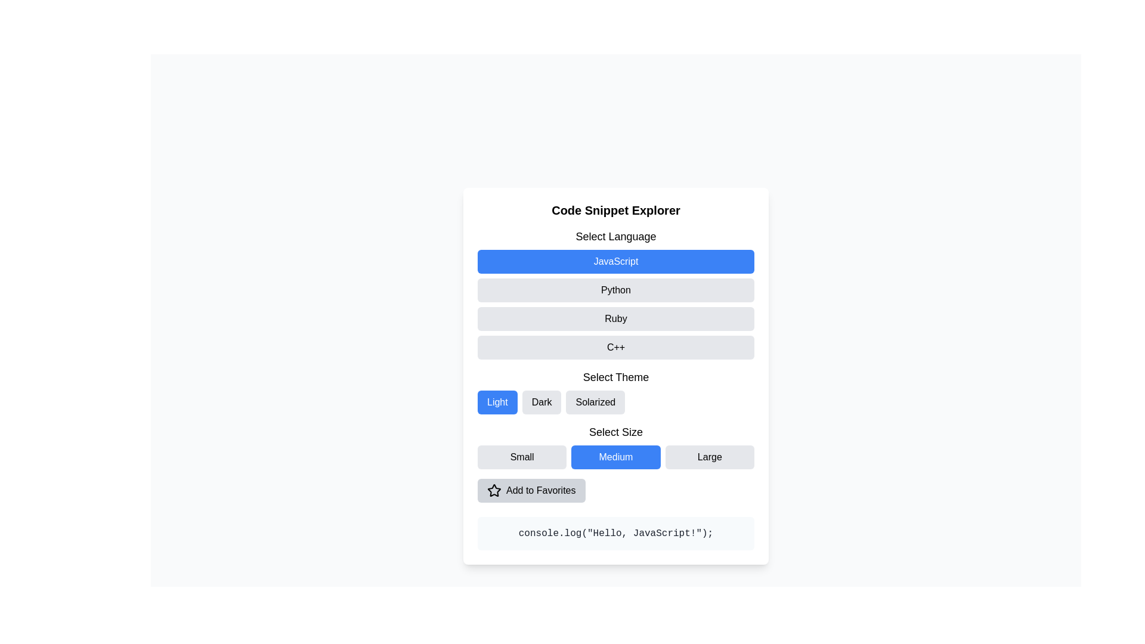 This screenshot has width=1145, height=644. What do you see at coordinates (531, 490) in the screenshot?
I see `the button located centrally at the bottom section of the card interface` at bounding box center [531, 490].